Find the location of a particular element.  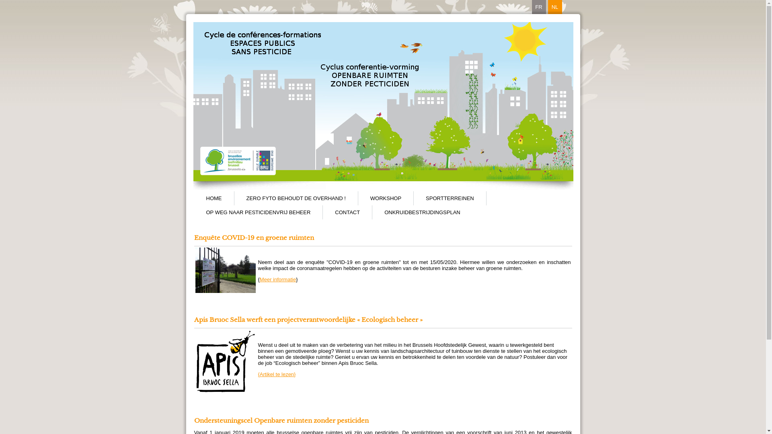

'WORKSHOP' is located at coordinates (370, 198).